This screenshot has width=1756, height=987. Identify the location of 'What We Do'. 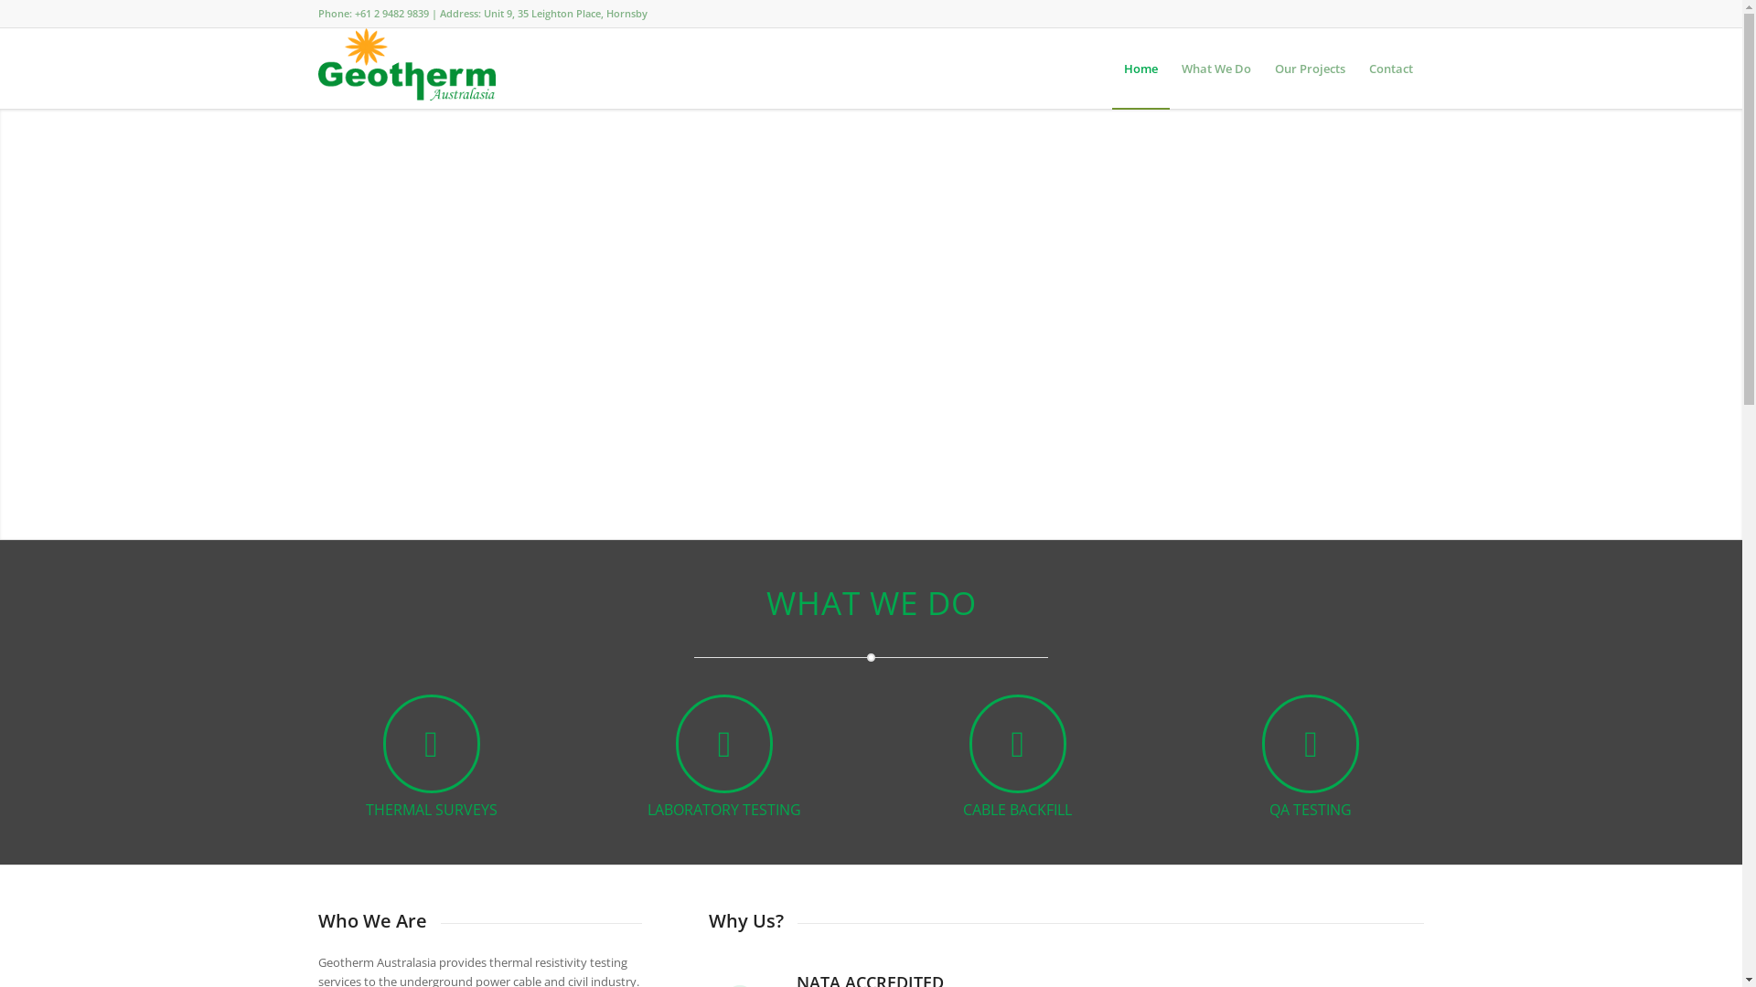
(1215, 67).